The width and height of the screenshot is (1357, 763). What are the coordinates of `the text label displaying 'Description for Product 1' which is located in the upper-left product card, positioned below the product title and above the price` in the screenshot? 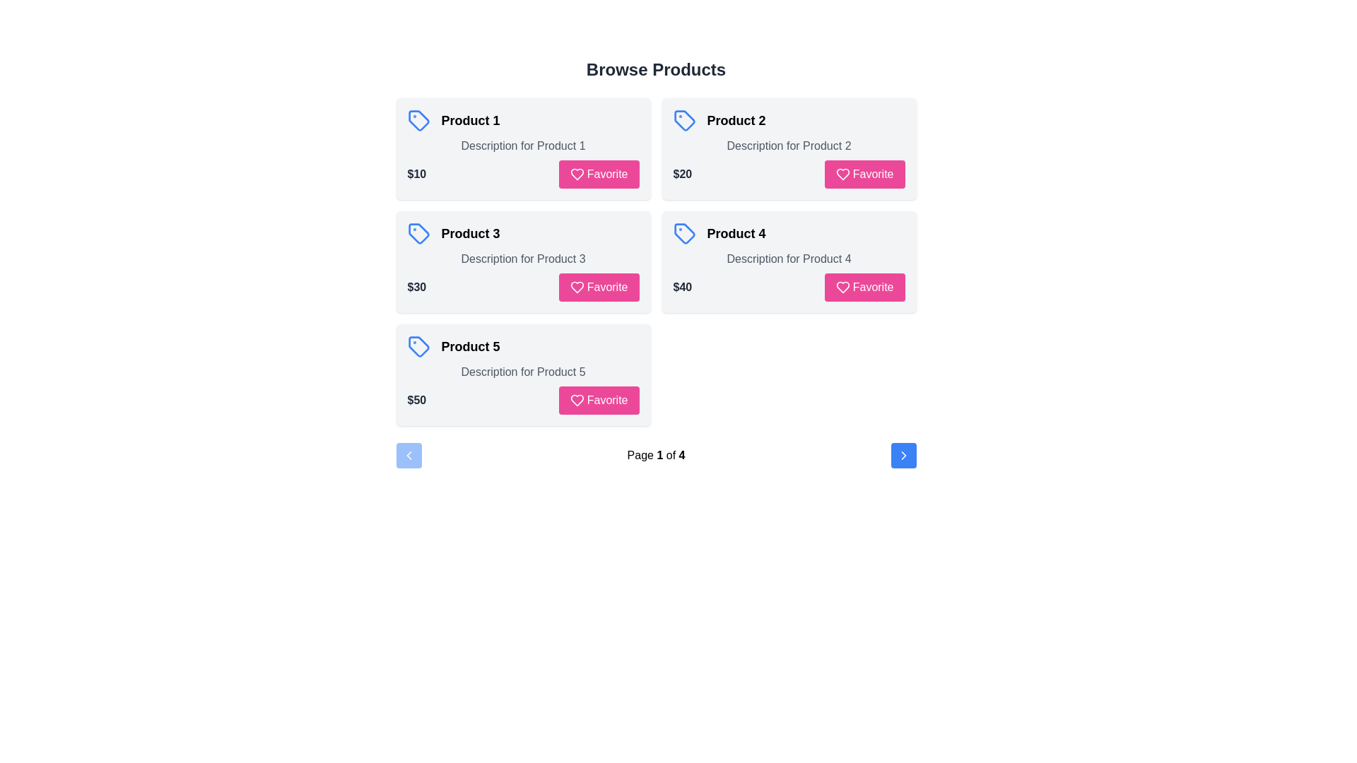 It's located at (522, 146).